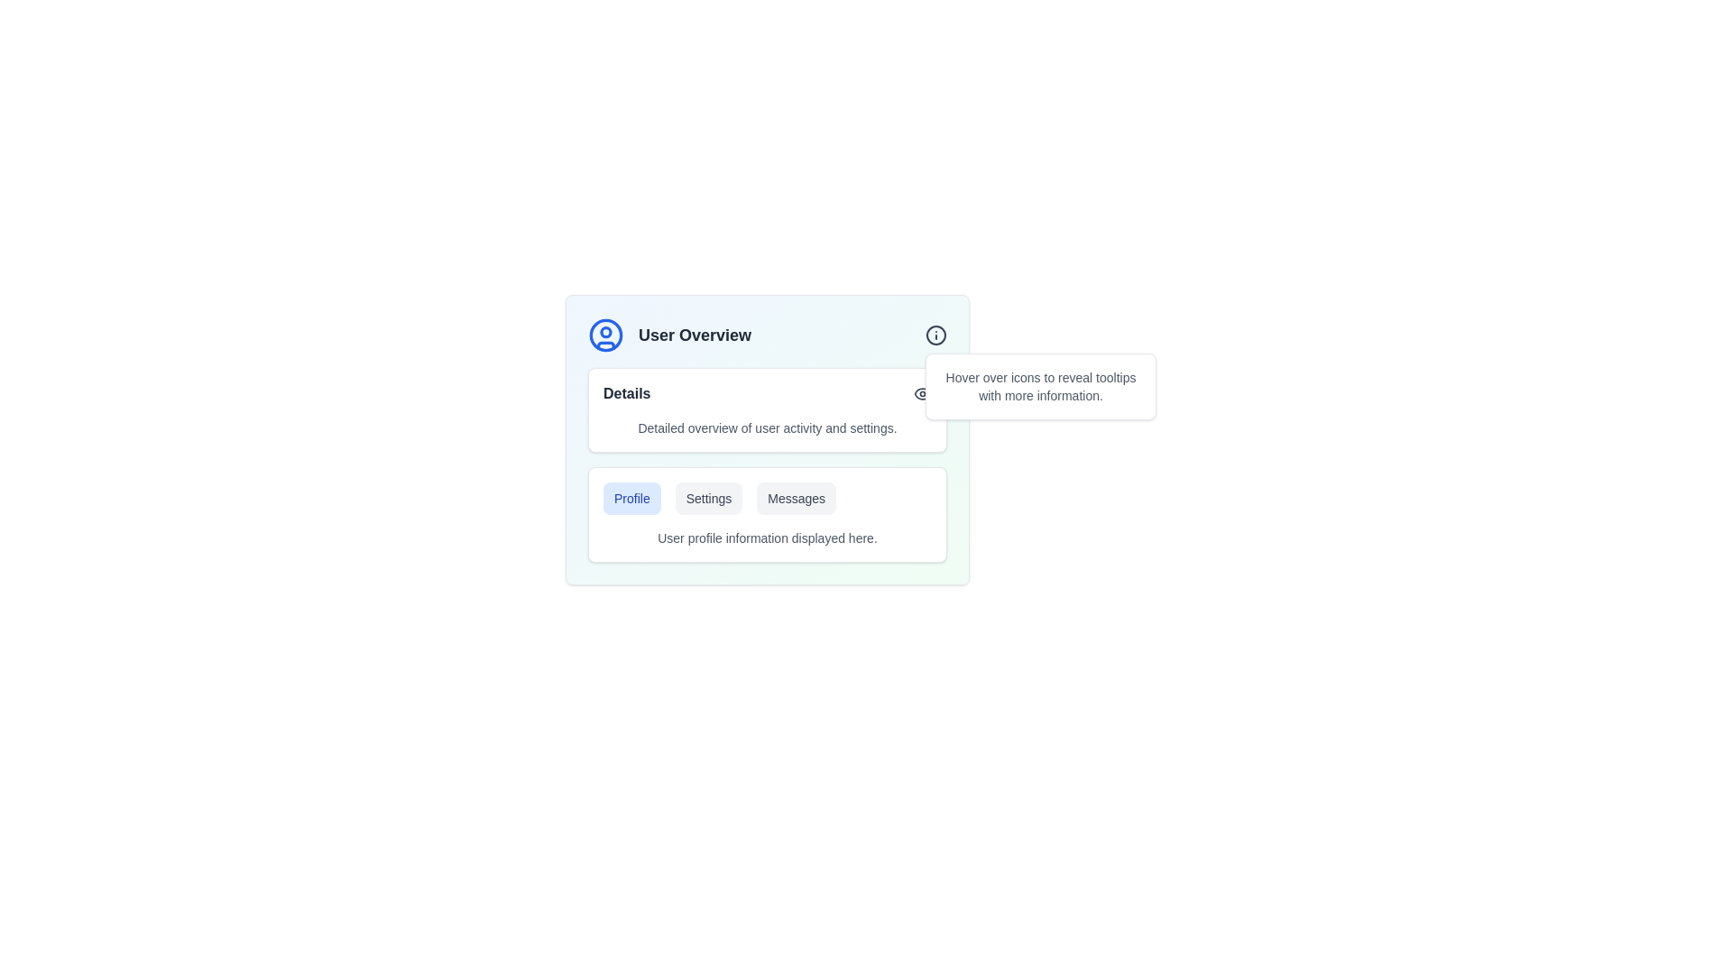 Image resolution: width=1732 pixels, height=974 pixels. I want to click on the Tooltip-trigger information icon located at the top-right corner of the User Overview section header, so click(935, 335).